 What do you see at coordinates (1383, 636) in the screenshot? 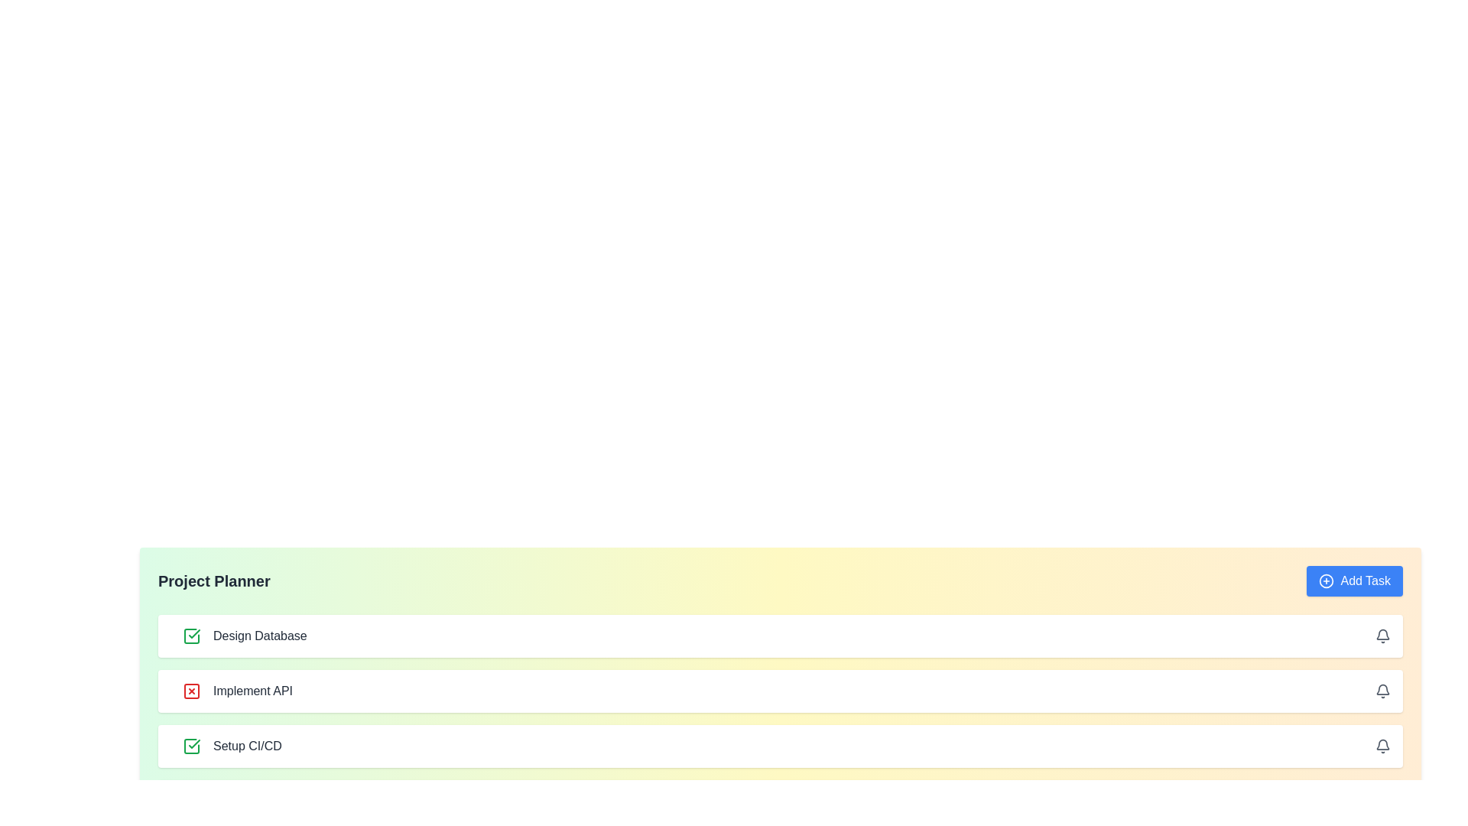
I see `bell icon for the task Design Database to set or manage notifications` at bounding box center [1383, 636].